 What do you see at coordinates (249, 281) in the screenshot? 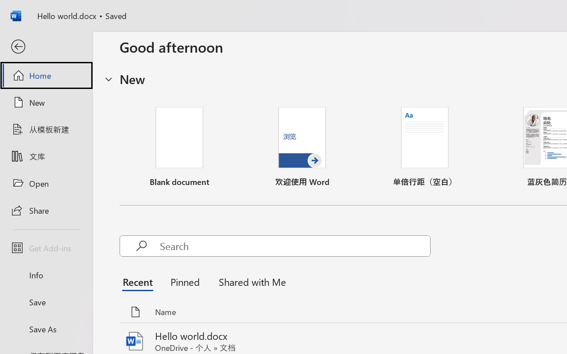
I see `'Shared with Me'` at bounding box center [249, 281].